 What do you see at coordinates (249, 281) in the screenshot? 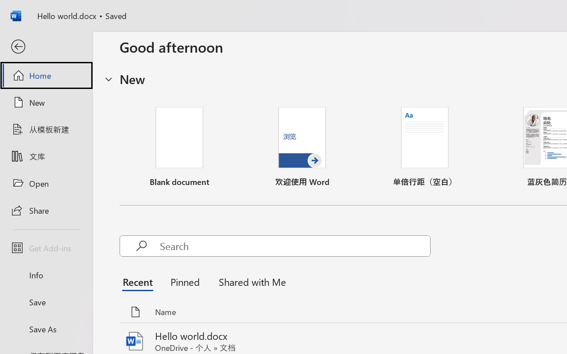
I see `'Shared with Me'` at bounding box center [249, 281].